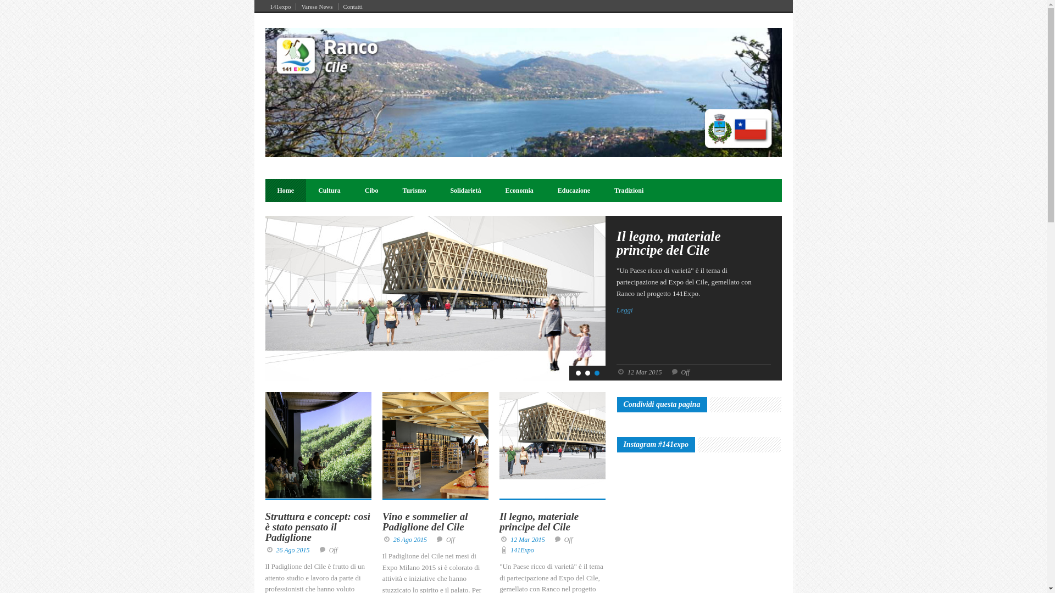 This screenshot has width=1055, height=593. Describe the element at coordinates (521, 550) in the screenshot. I see `'141Expo'` at that location.